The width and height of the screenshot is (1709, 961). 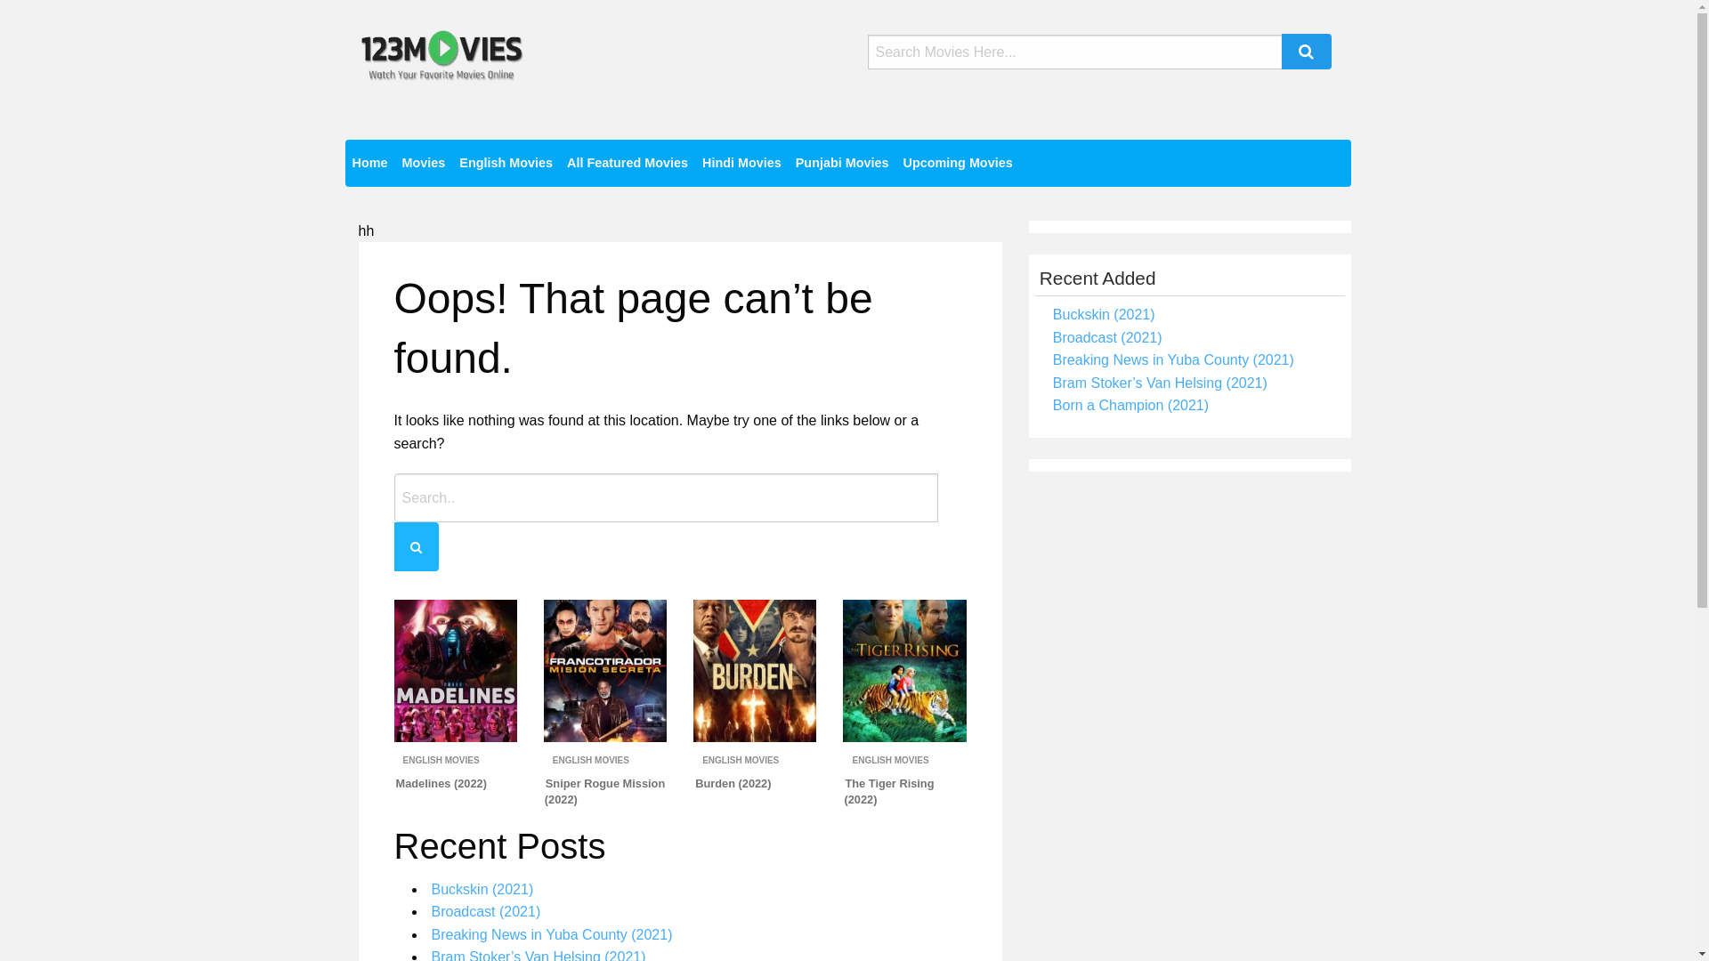 What do you see at coordinates (694, 163) in the screenshot?
I see `'Hindi Movies'` at bounding box center [694, 163].